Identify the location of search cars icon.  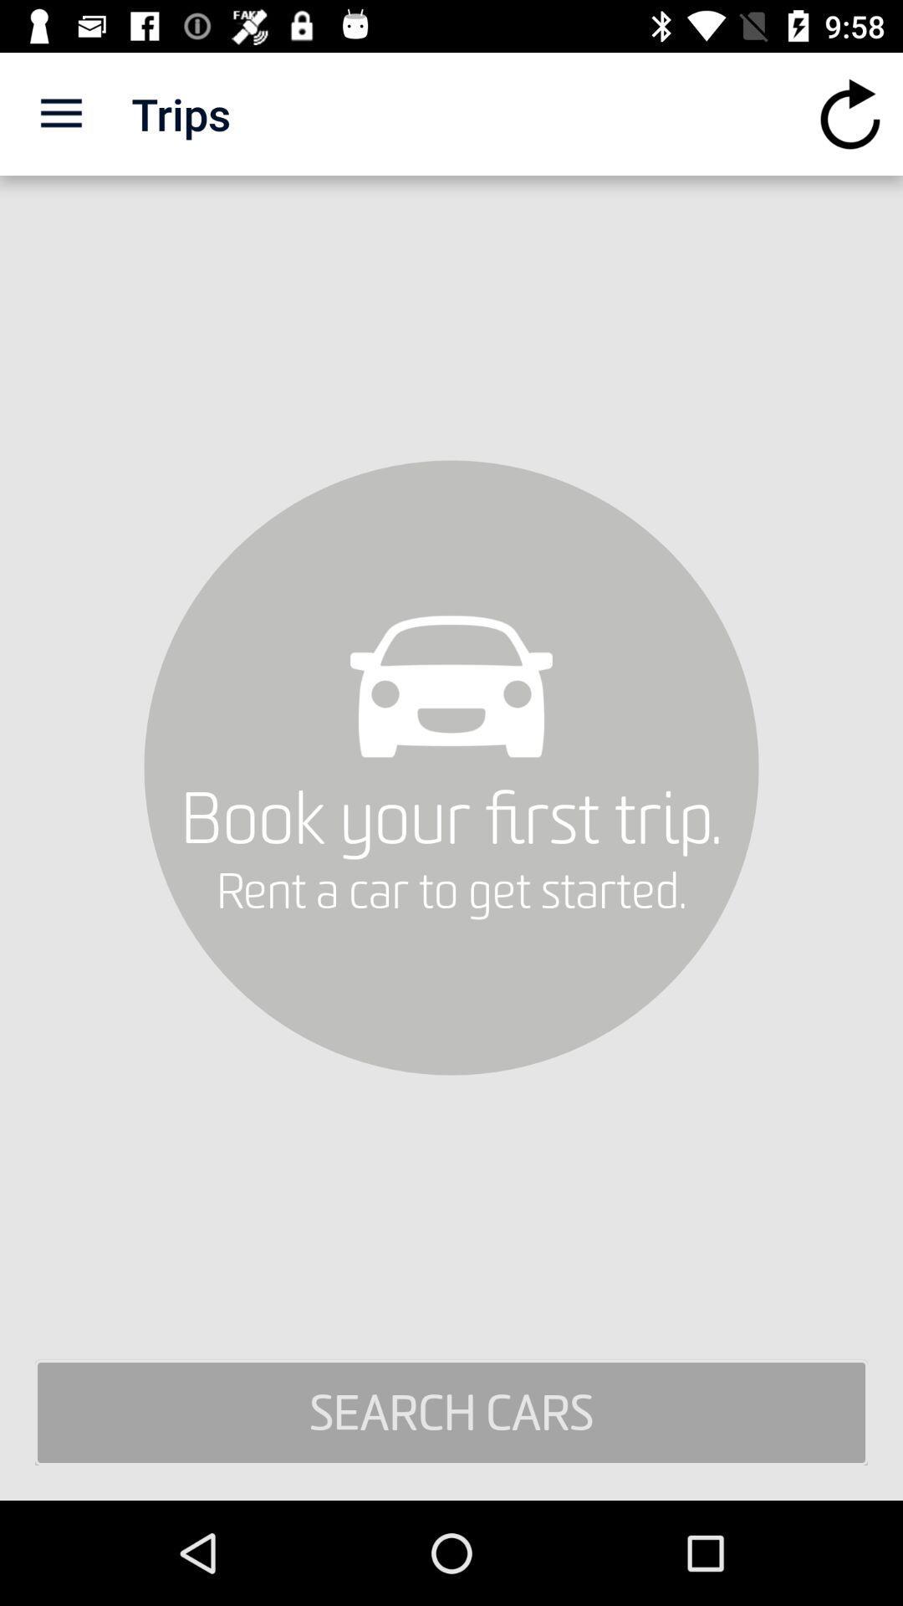
(451, 1412).